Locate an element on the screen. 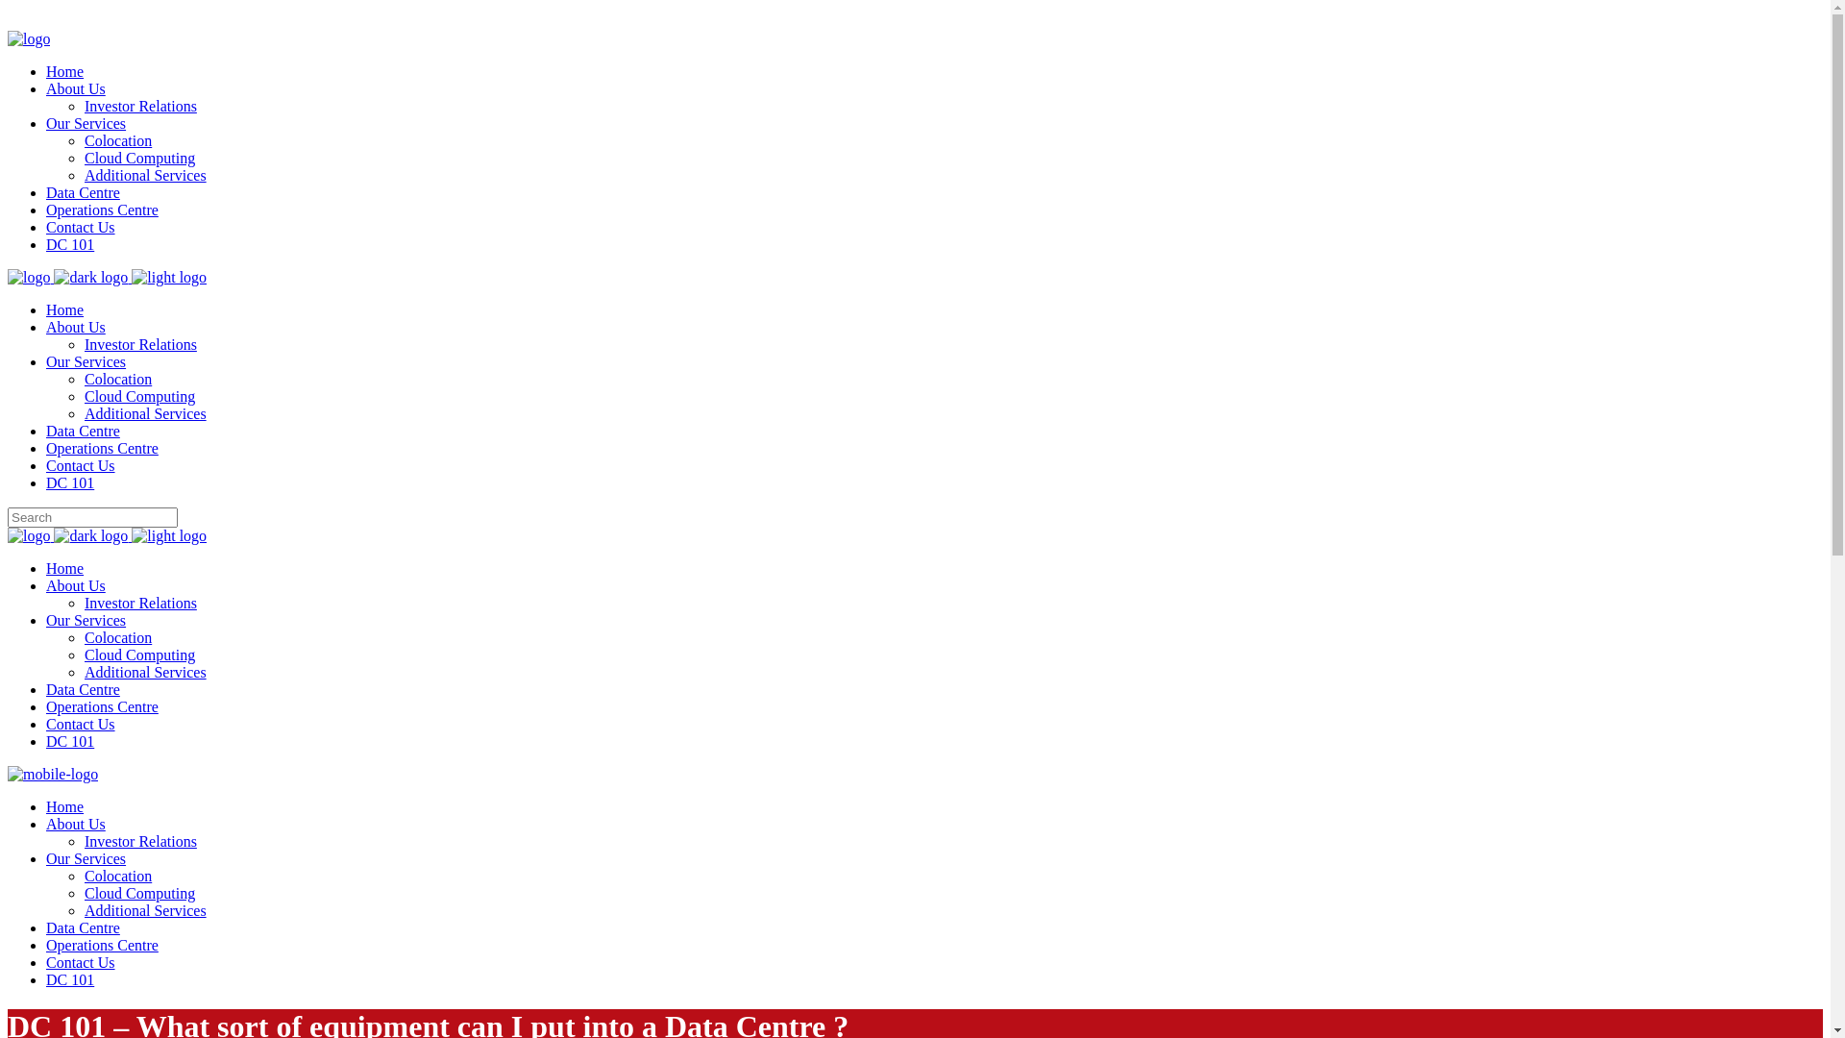 This screenshot has height=1038, width=1845. 'Investor Relations' is located at coordinates (83, 106).